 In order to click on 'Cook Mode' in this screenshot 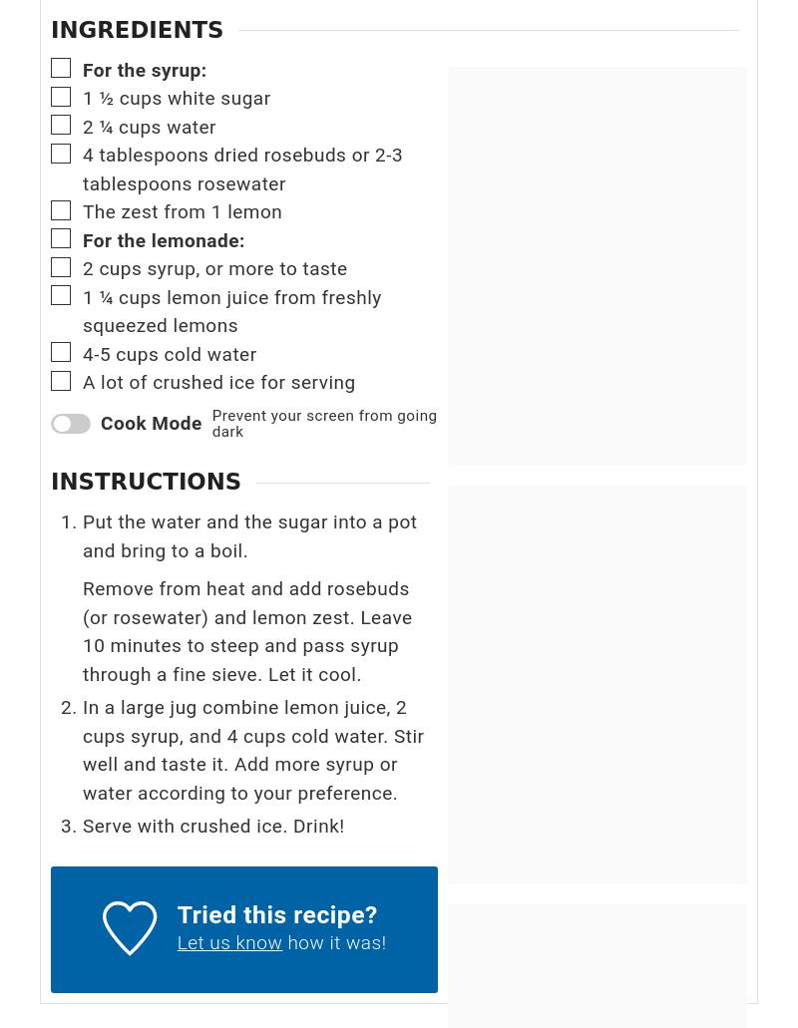, I will do `click(151, 423)`.